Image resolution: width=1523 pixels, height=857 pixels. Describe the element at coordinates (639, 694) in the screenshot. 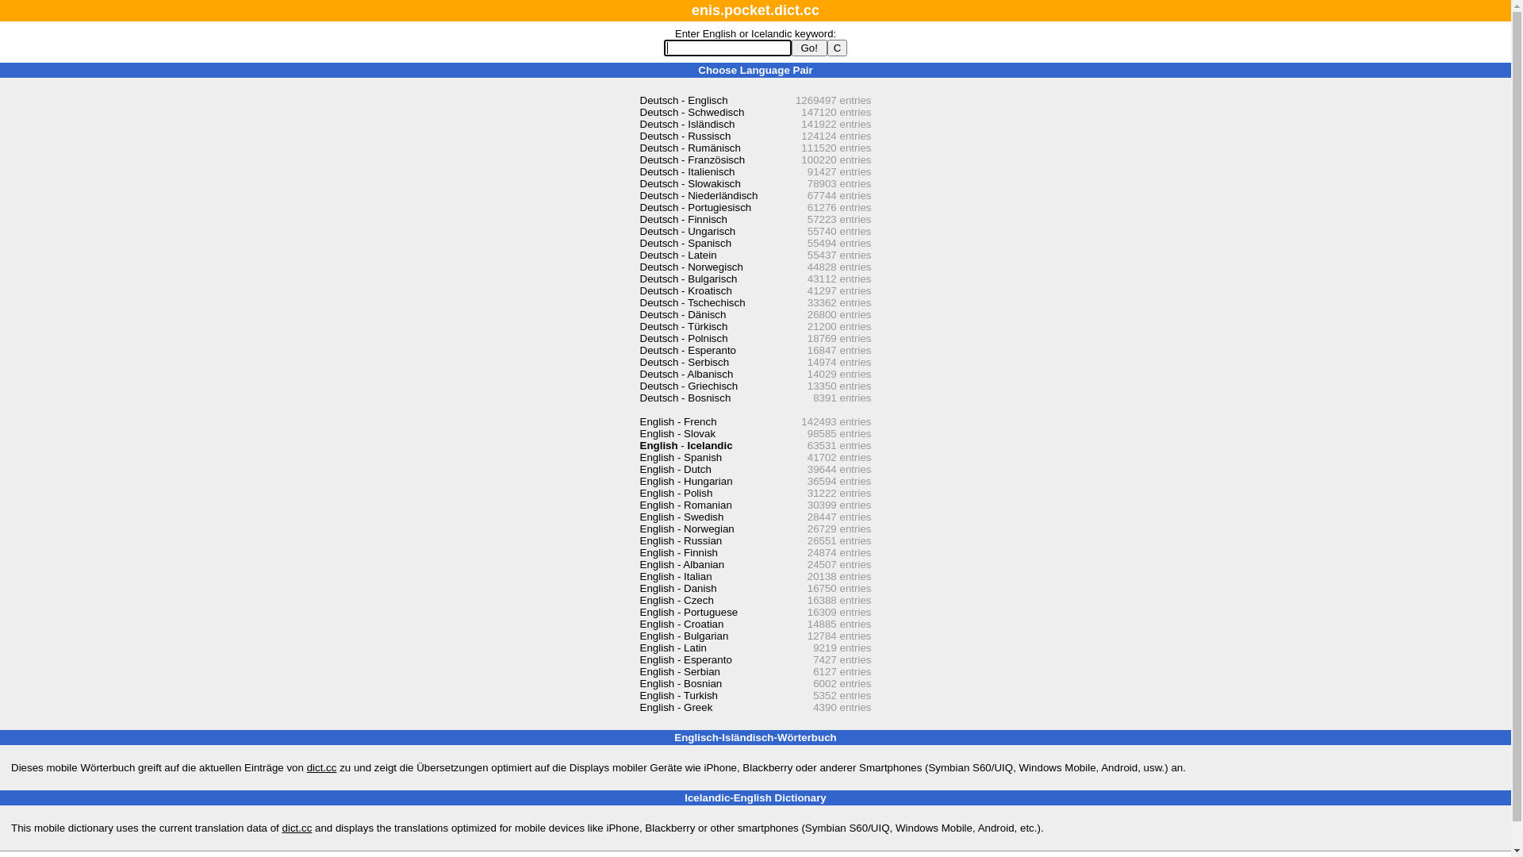

I see `'English - Turkish'` at that location.